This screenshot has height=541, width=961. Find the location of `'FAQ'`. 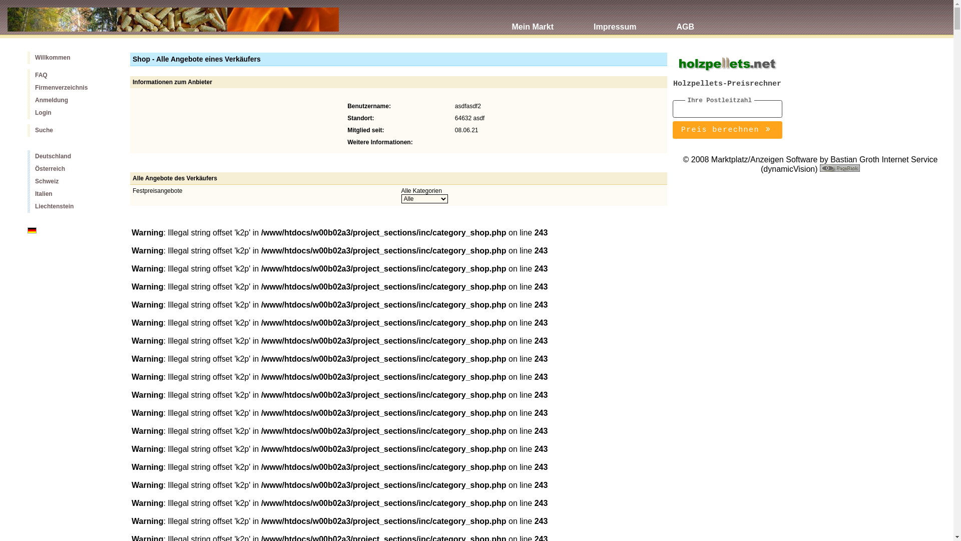

'FAQ' is located at coordinates (71, 75).